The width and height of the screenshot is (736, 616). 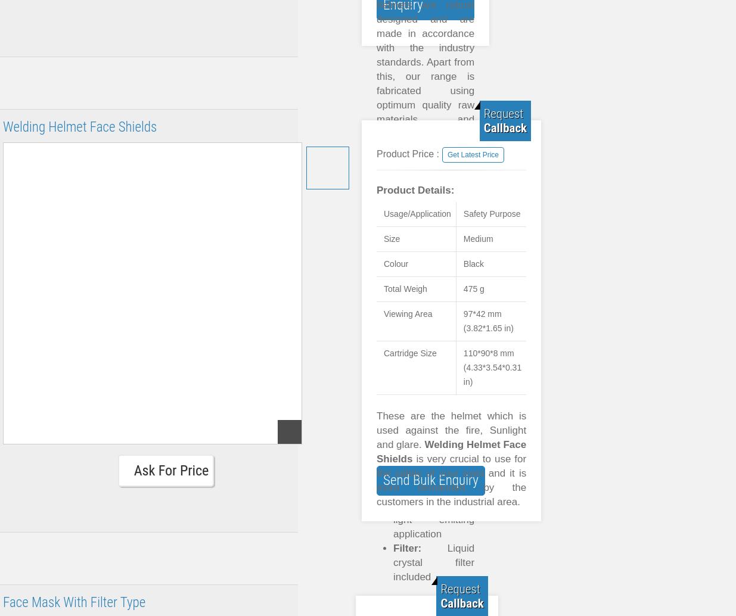 I want to click on 'Liquid crystal filter included', so click(x=393, y=562).